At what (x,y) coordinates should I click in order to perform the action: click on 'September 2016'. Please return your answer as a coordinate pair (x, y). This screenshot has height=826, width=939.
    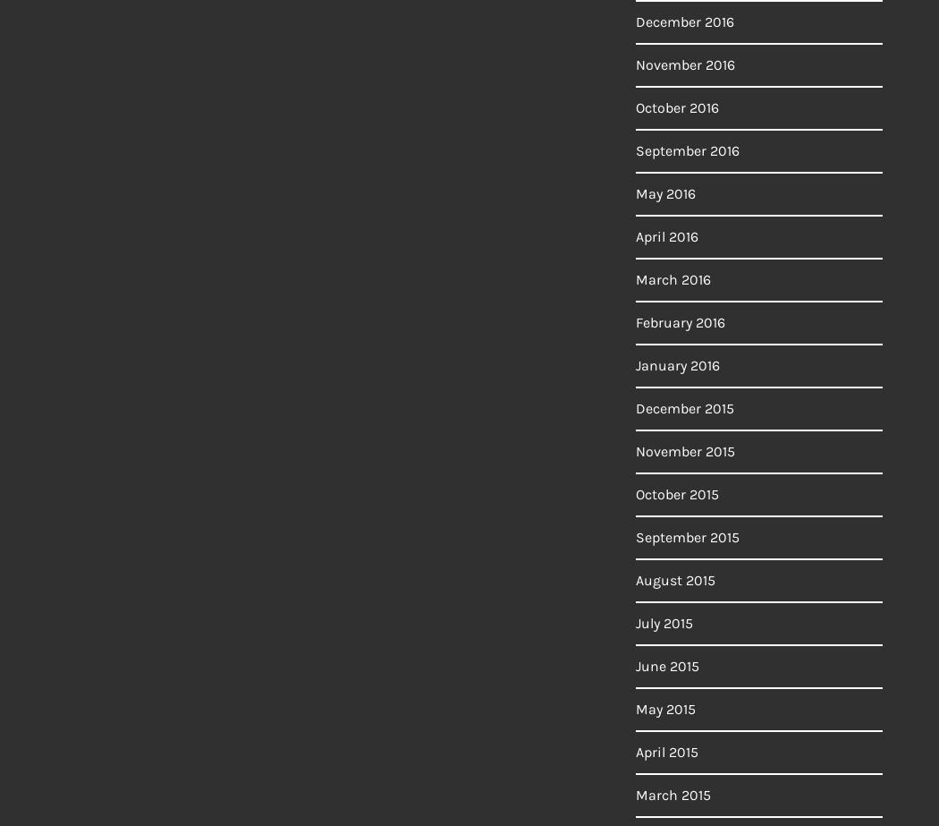
    Looking at the image, I should click on (688, 150).